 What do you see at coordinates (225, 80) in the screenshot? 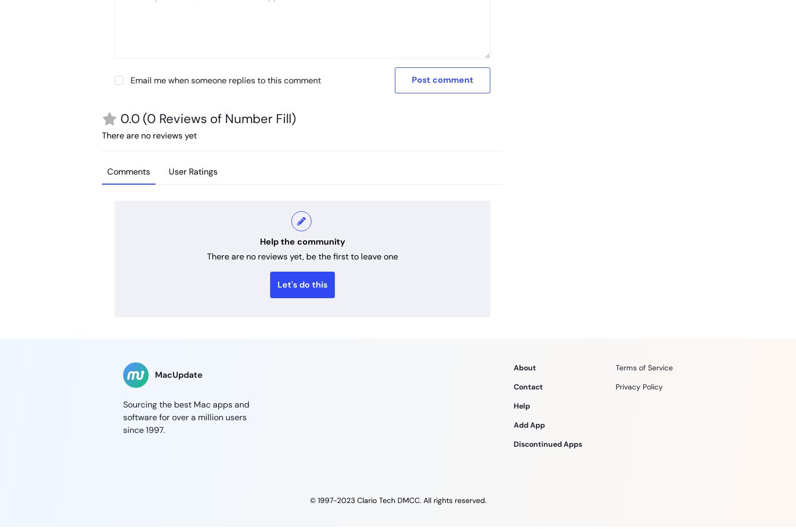
I see `'Email me when someone replies to this comment'` at bounding box center [225, 80].